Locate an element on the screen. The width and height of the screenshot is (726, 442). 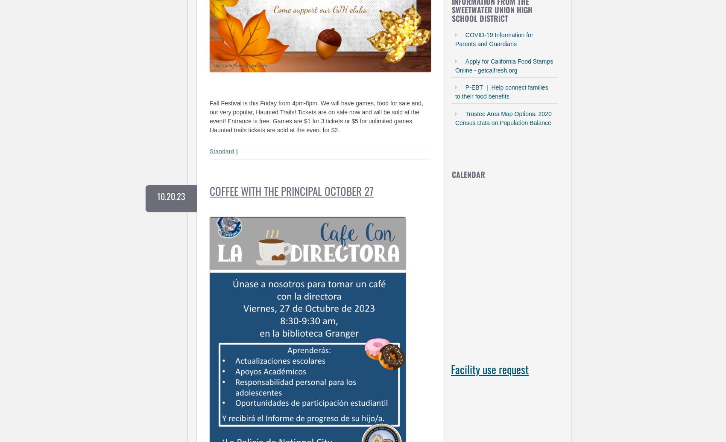
'COVID-19 Information for Parents and Guardians' is located at coordinates (494, 39).